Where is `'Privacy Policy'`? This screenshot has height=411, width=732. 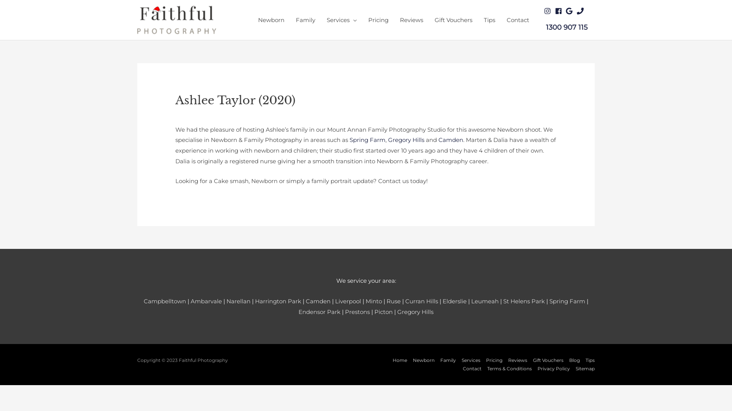
'Privacy Policy' is located at coordinates (532, 368).